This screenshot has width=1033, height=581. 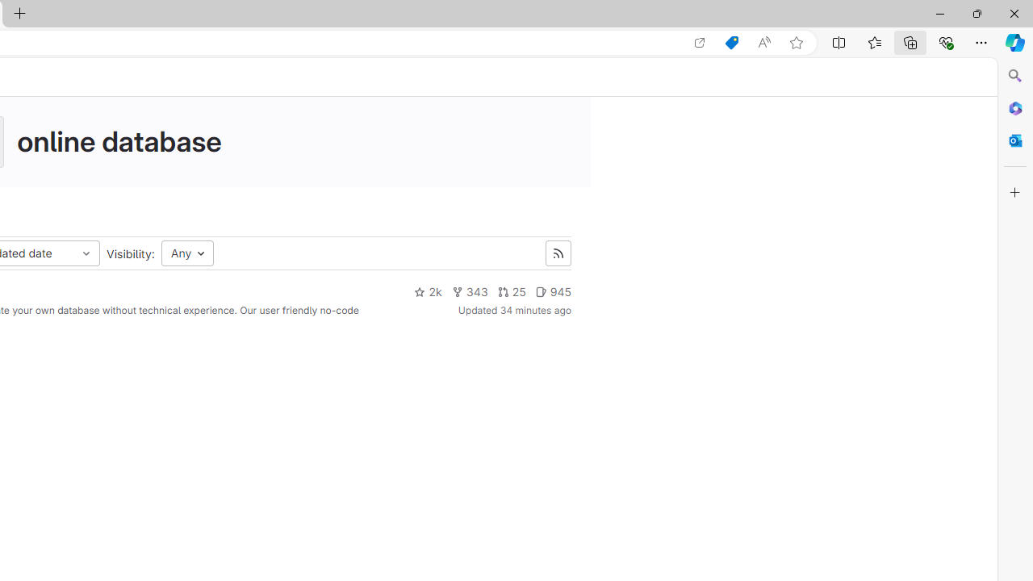 What do you see at coordinates (187, 253) in the screenshot?
I see `'Any'` at bounding box center [187, 253].